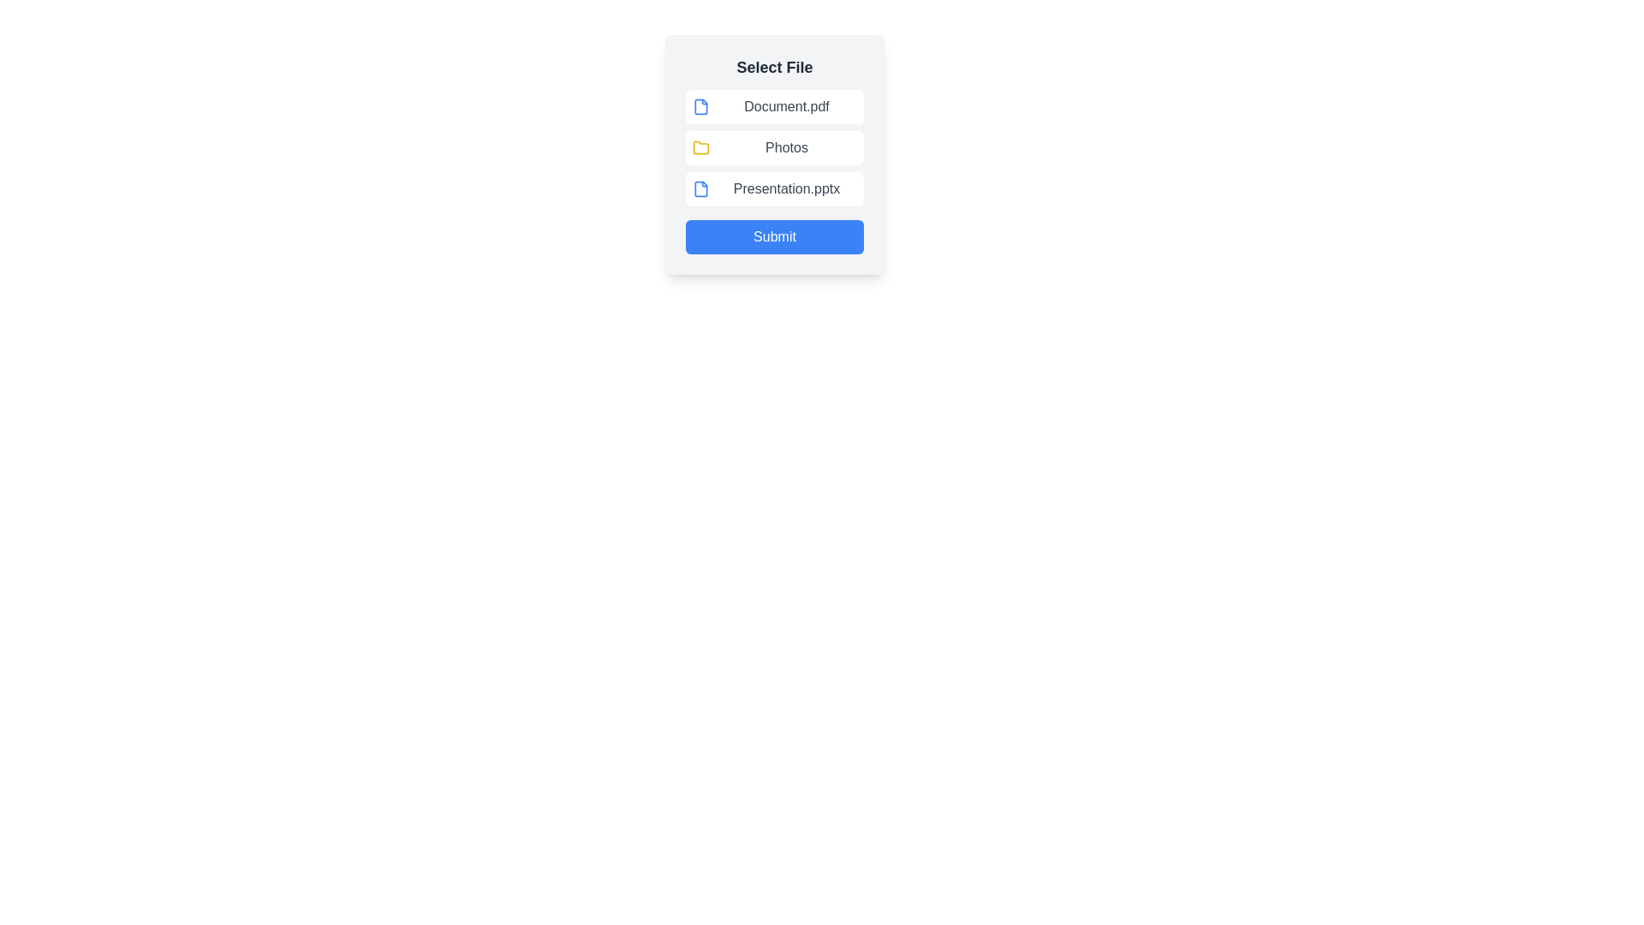 The image size is (1644, 925). I want to click on the interactive option list item for 'Photos' located between 'Document.pdf' and 'Presentation.pptx' under the 'Select File' heading, so click(774, 155).